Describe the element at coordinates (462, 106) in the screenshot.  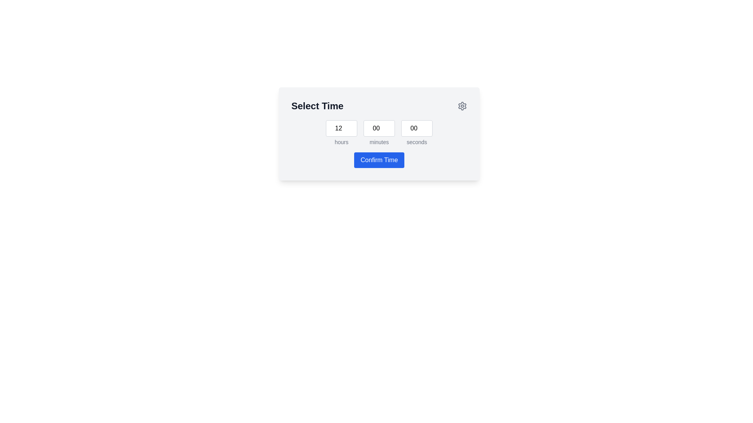
I see `the gear-shaped icon button located in the upper-right section of the 'Select Time' modal` at that location.